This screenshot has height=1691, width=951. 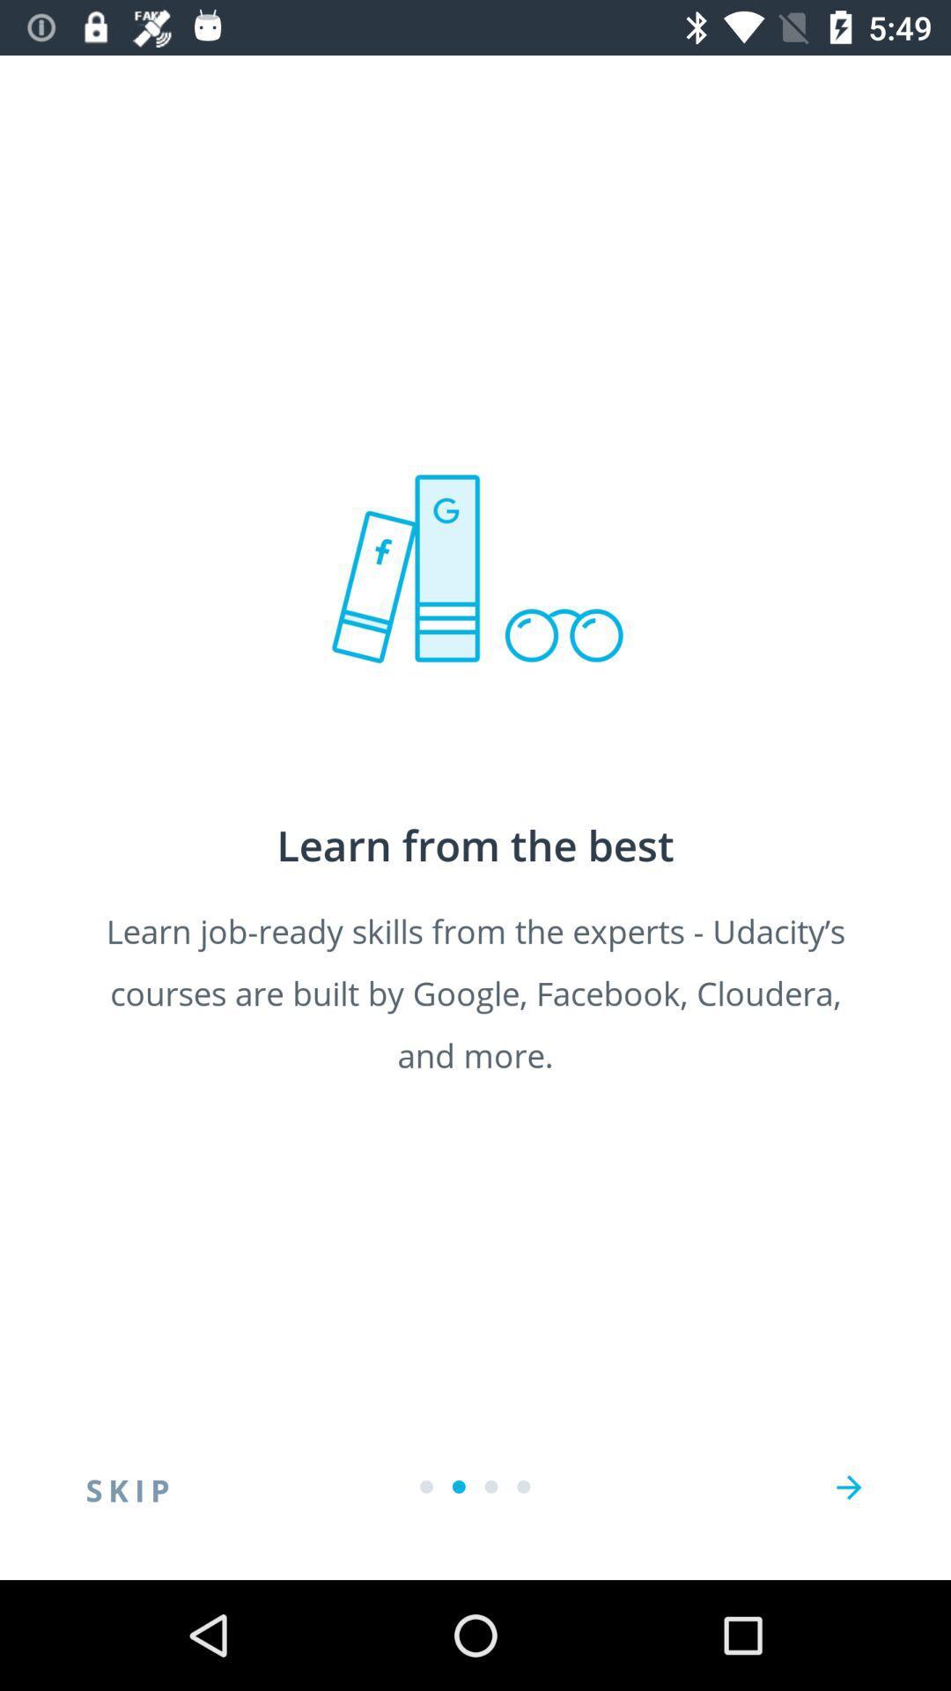 I want to click on item below the learn job ready item, so click(x=127, y=1487).